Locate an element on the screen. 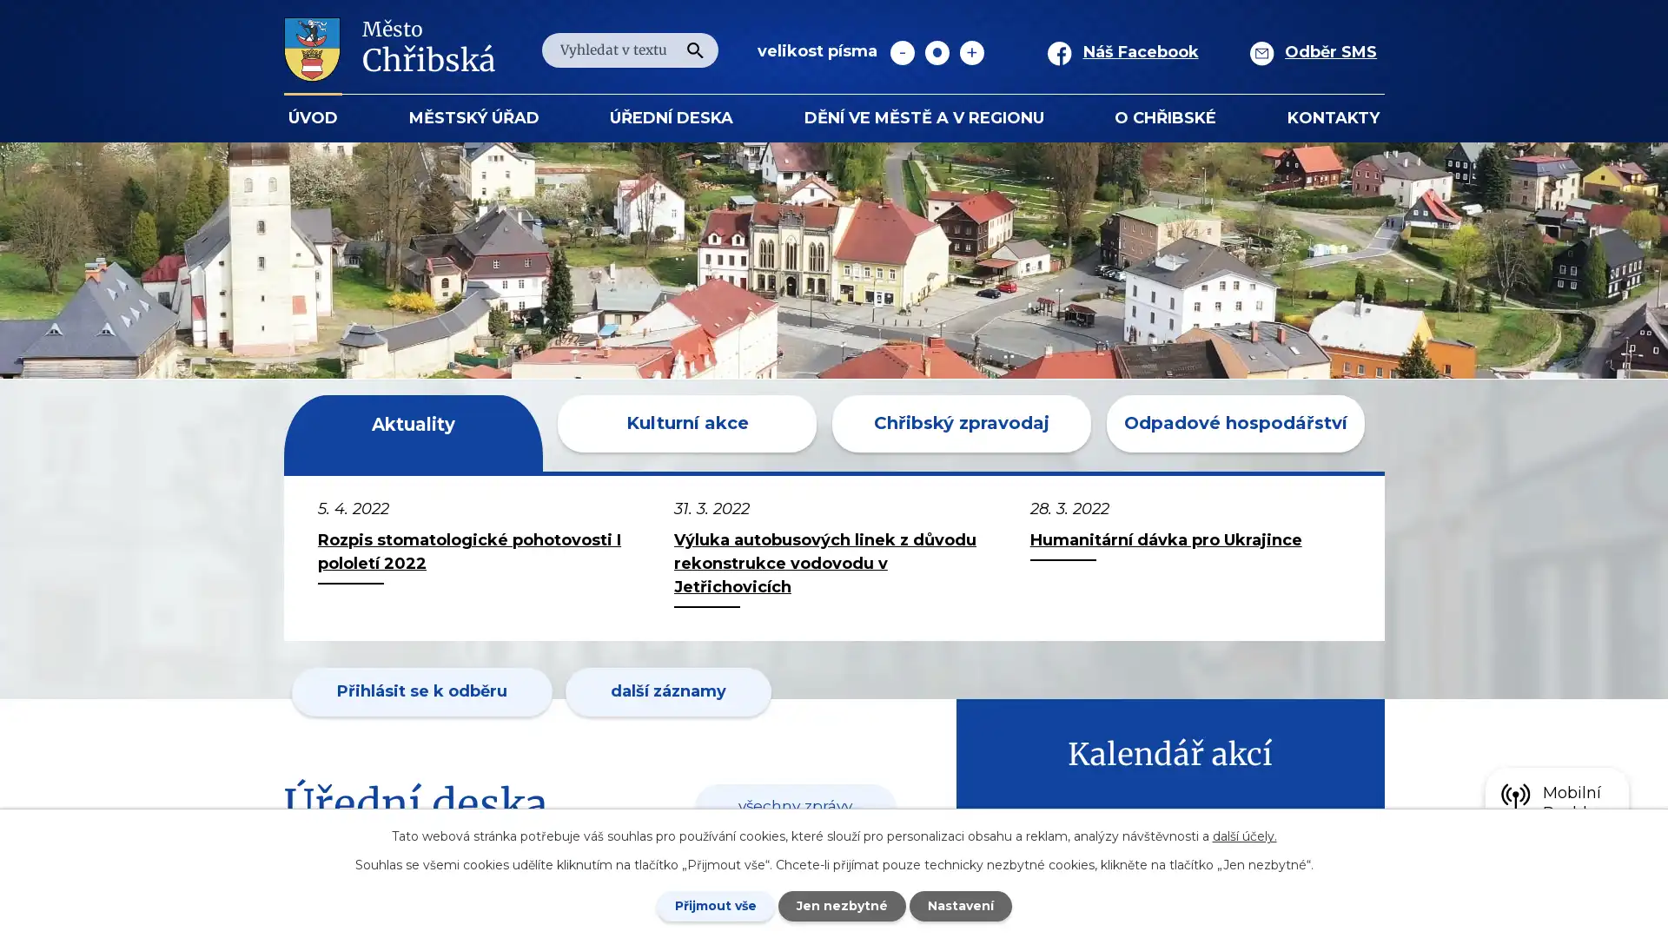 This screenshot has height=938, width=1668. Hledat is located at coordinates (693, 49).